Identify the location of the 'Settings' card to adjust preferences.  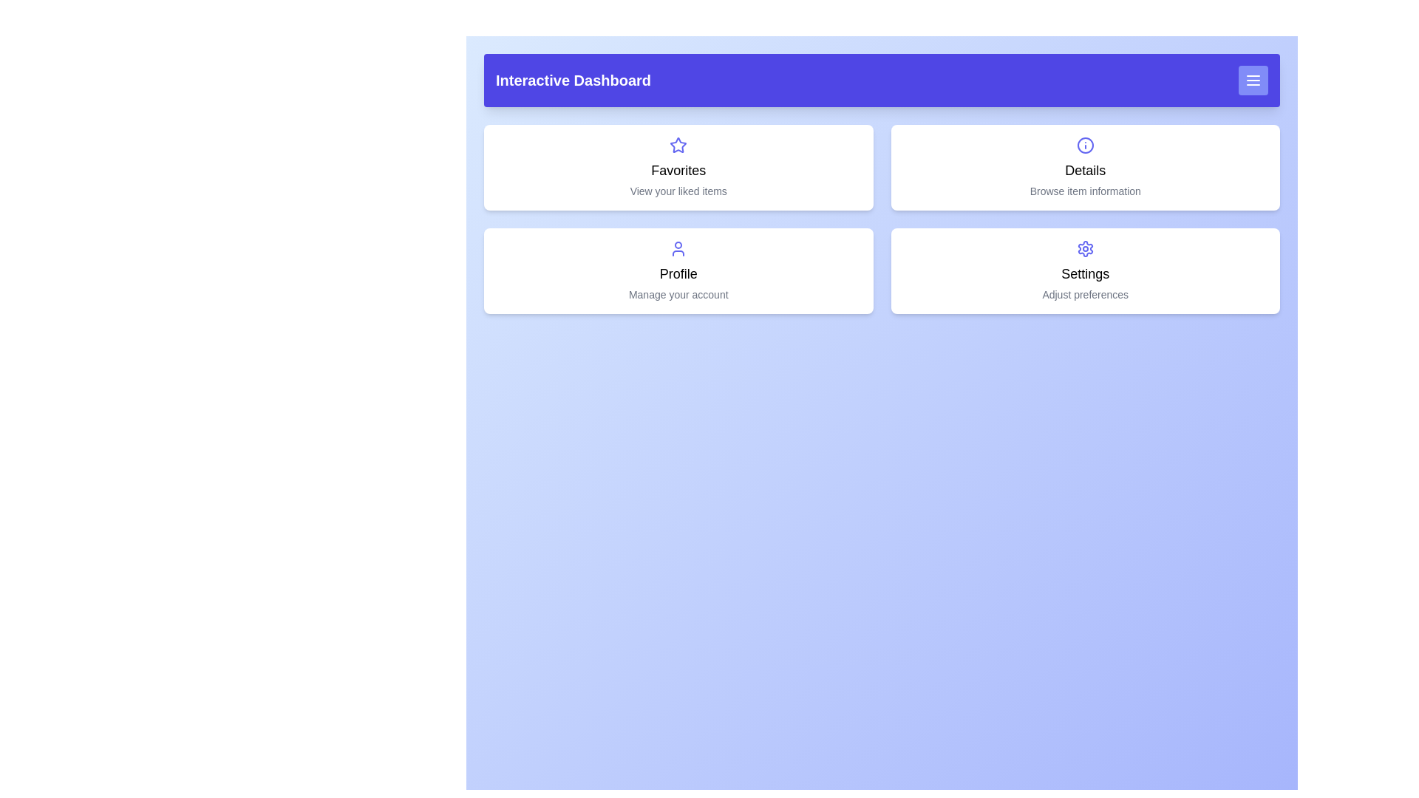
(1085, 270).